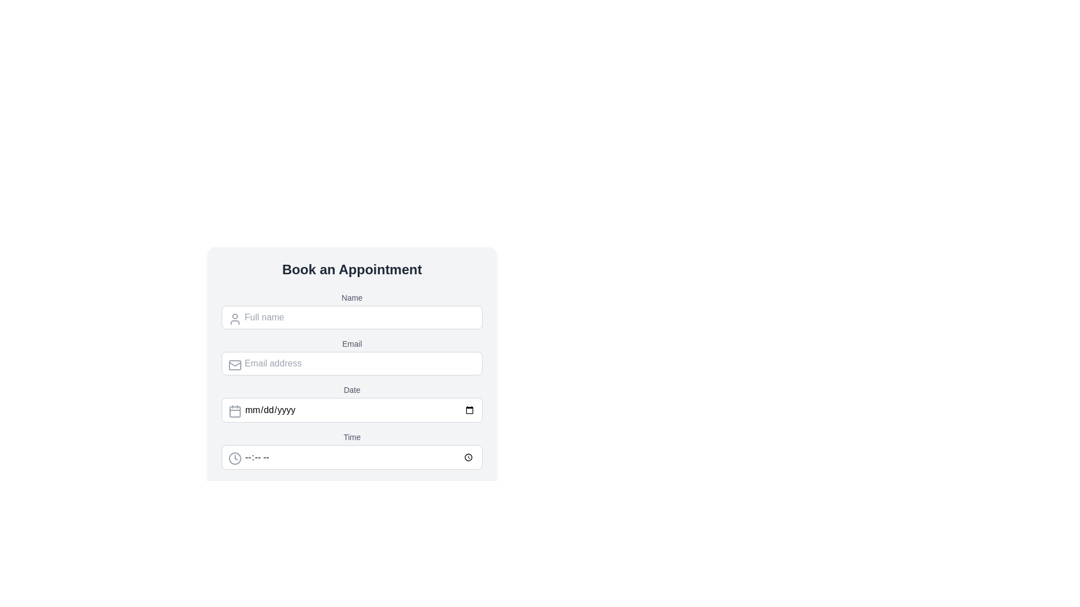  I want to click on the 'Time' text label element which is displayed in a small gray font below the 'Date' input field and above the time picker, so click(351, 437).